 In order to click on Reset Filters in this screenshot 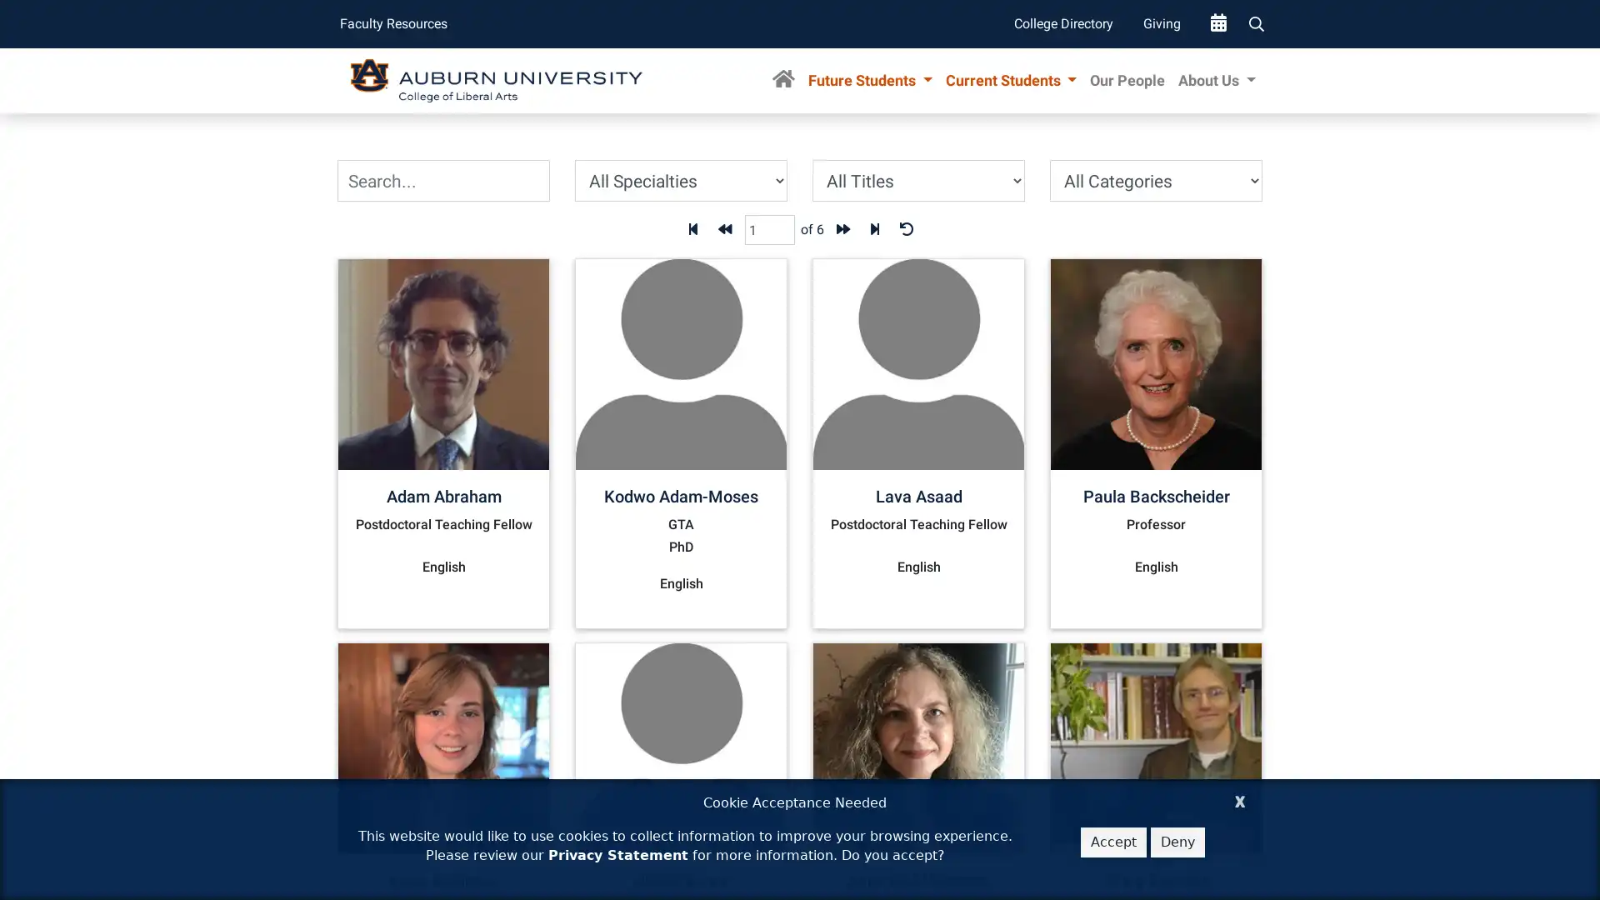, I will do `click(904, 230)`.